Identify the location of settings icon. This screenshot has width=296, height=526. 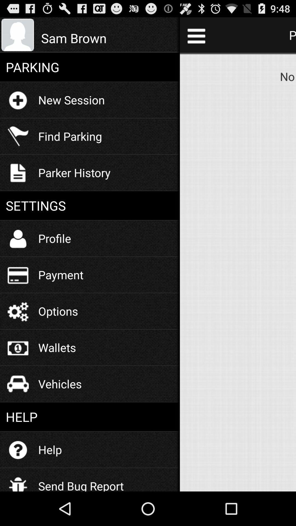
(90, 205).